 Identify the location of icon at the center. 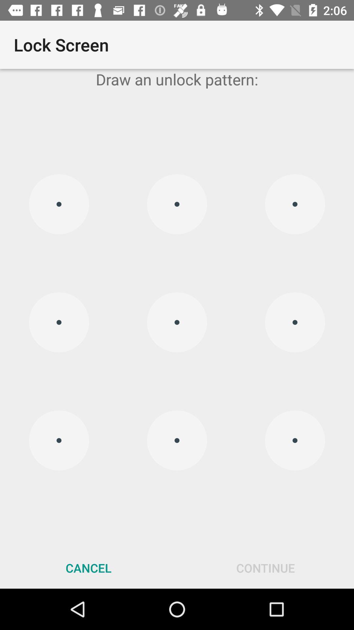
(177, 322).